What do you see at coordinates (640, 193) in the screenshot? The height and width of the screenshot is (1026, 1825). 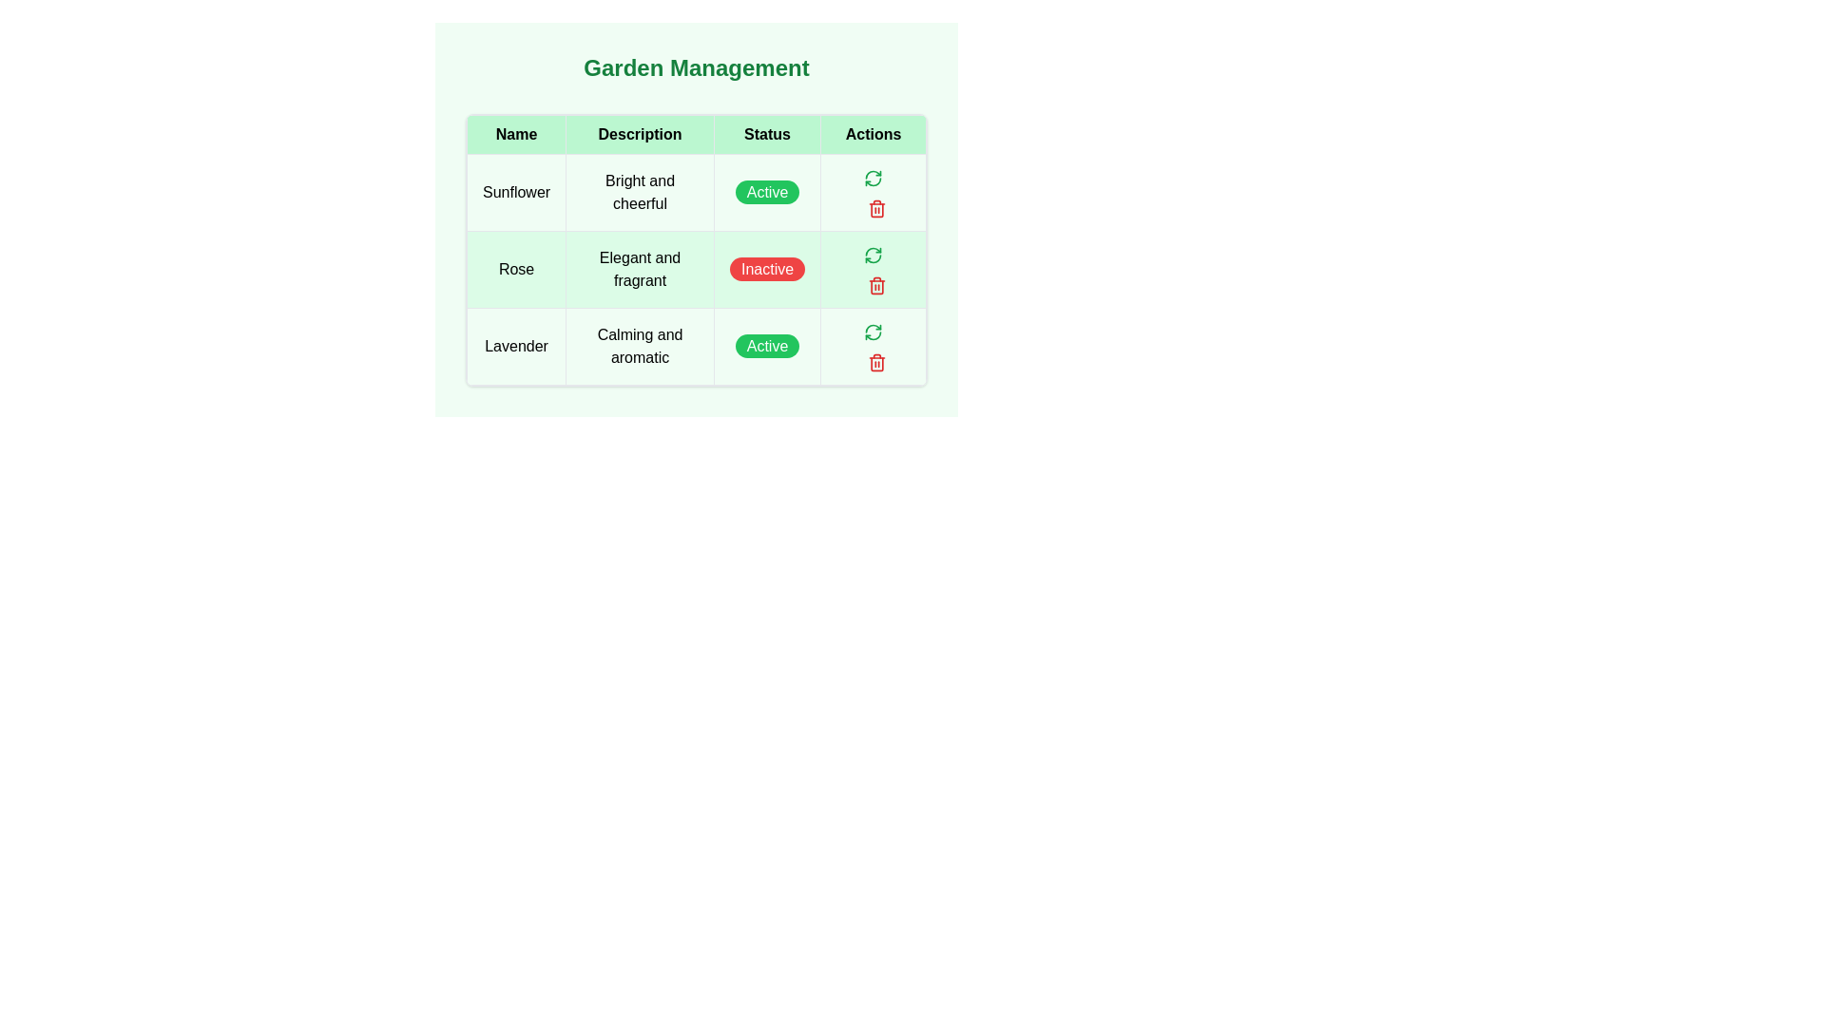 I see `the text label displaying 'Bright and cheerful.' located in the second column of the first row of a table associated with 'Sunflower.'` at bounding box center [640, 193].